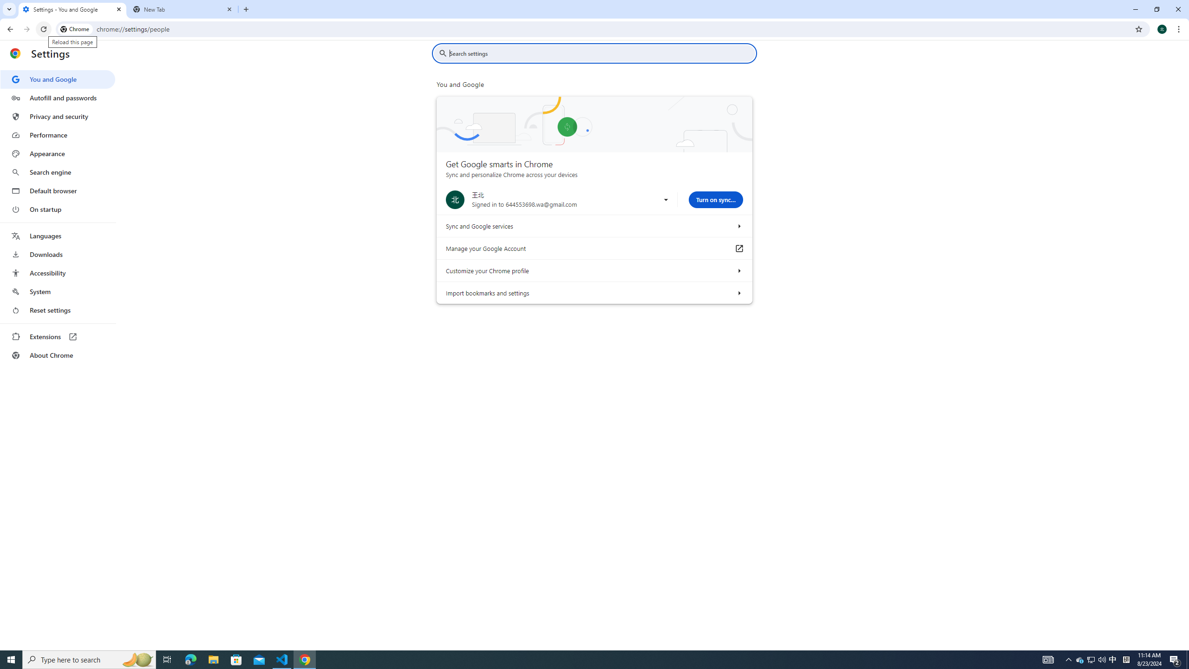  What do you see at coordinates (57, 272) in the screenshot?
I see `'Accessibility'` at bounding box center [57, 272].